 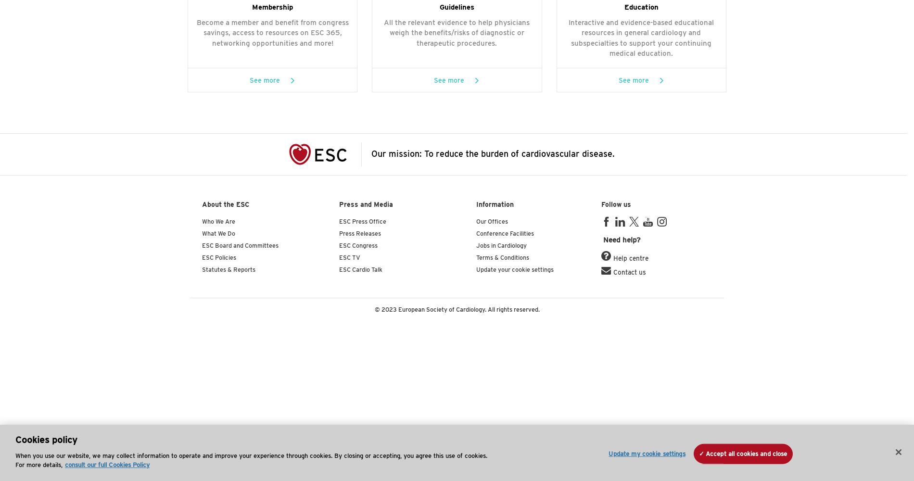 What do you see at coordinates (272, 7) in the screenshot?
I see `'Membership'` at bounding box center [272, 7].